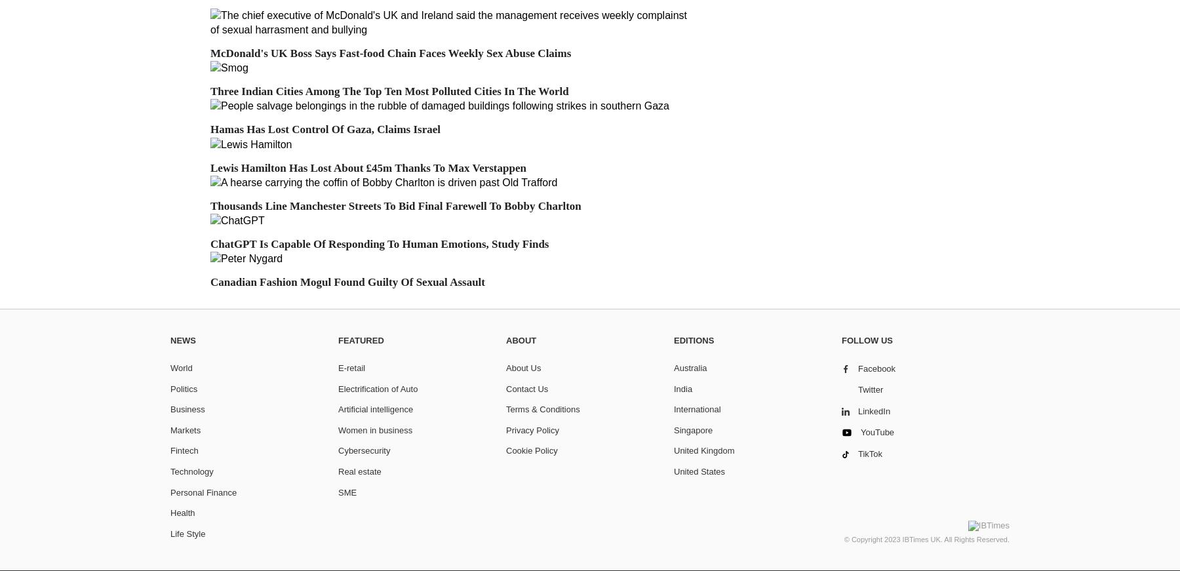 Image resolution: width=1180 pixels, height=571 pixels. Describe the element at coordinates (860, 431) in the screenshot. I see `'YouTube'` at that location.